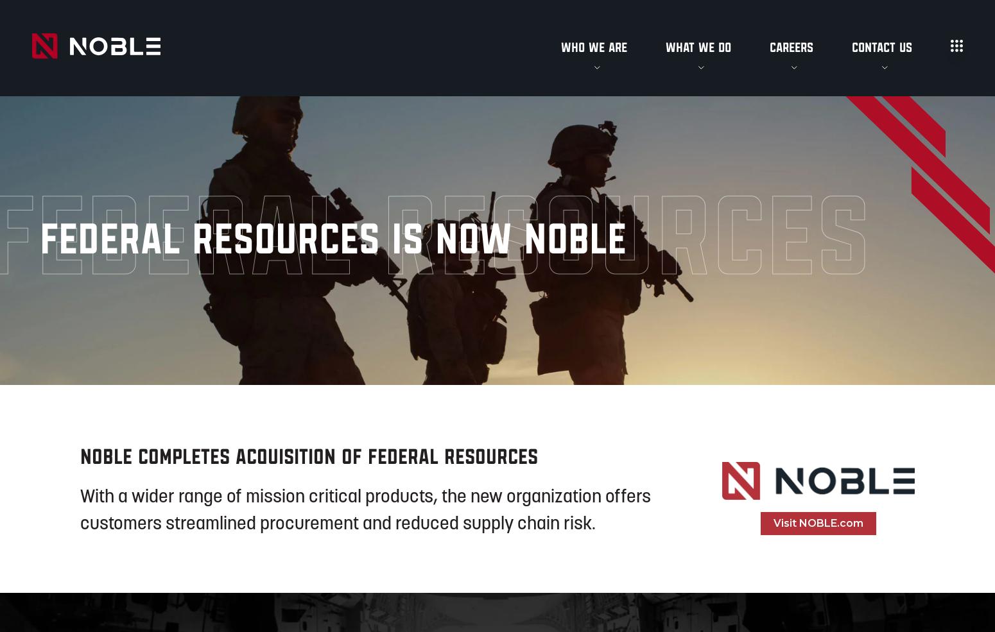 This screenshot has height=632, width=995. Describe the element at coordinates (792, 46) in the screenshot. I see `'Careers'` at that location.